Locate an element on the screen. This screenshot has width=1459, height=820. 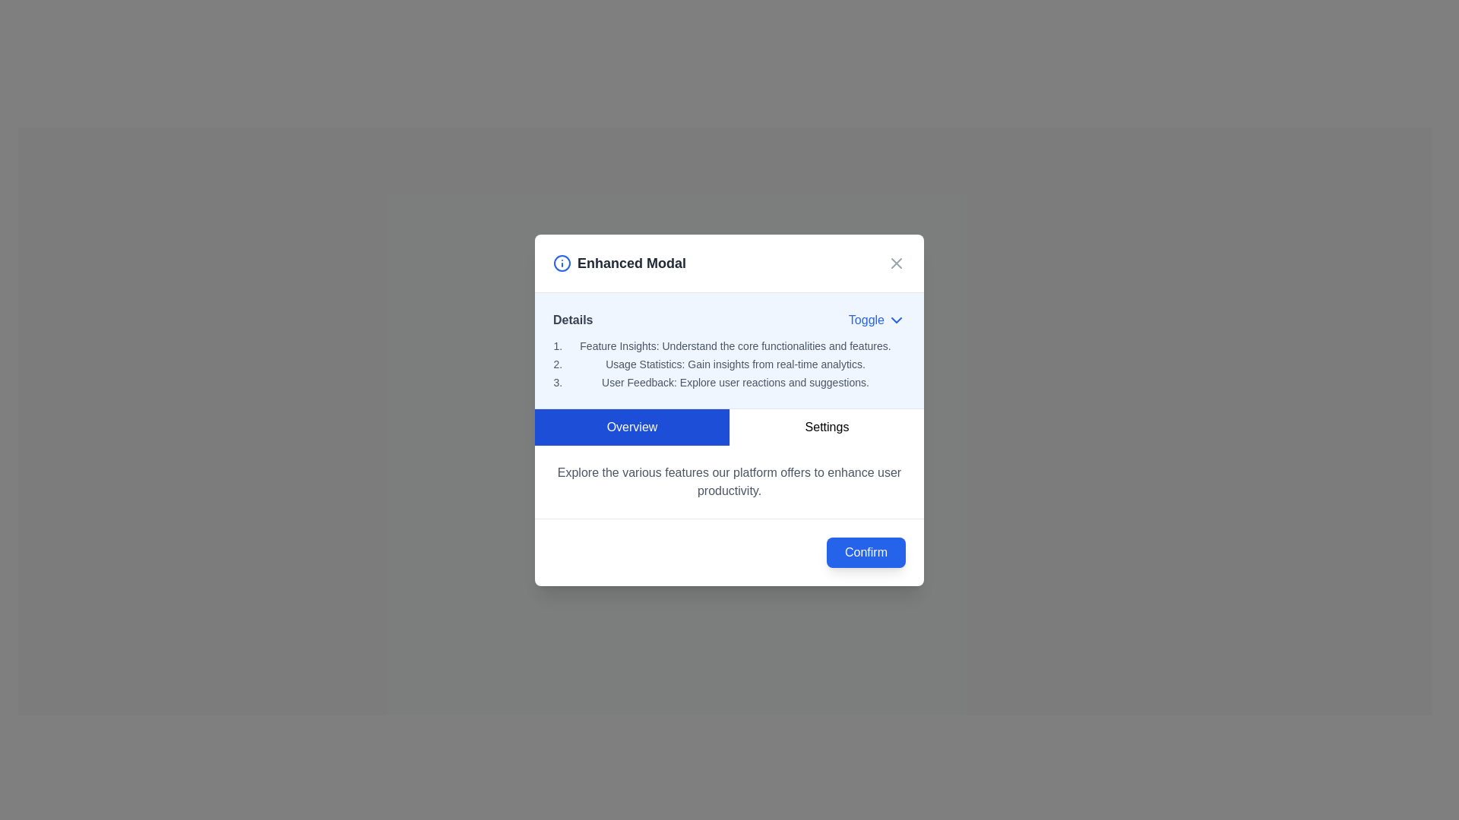
the 'Details' section of the informational component located in the center of the modal dialog below the title 'Enhanced Modal' to read the listed information is located at coordinates (729, 350).